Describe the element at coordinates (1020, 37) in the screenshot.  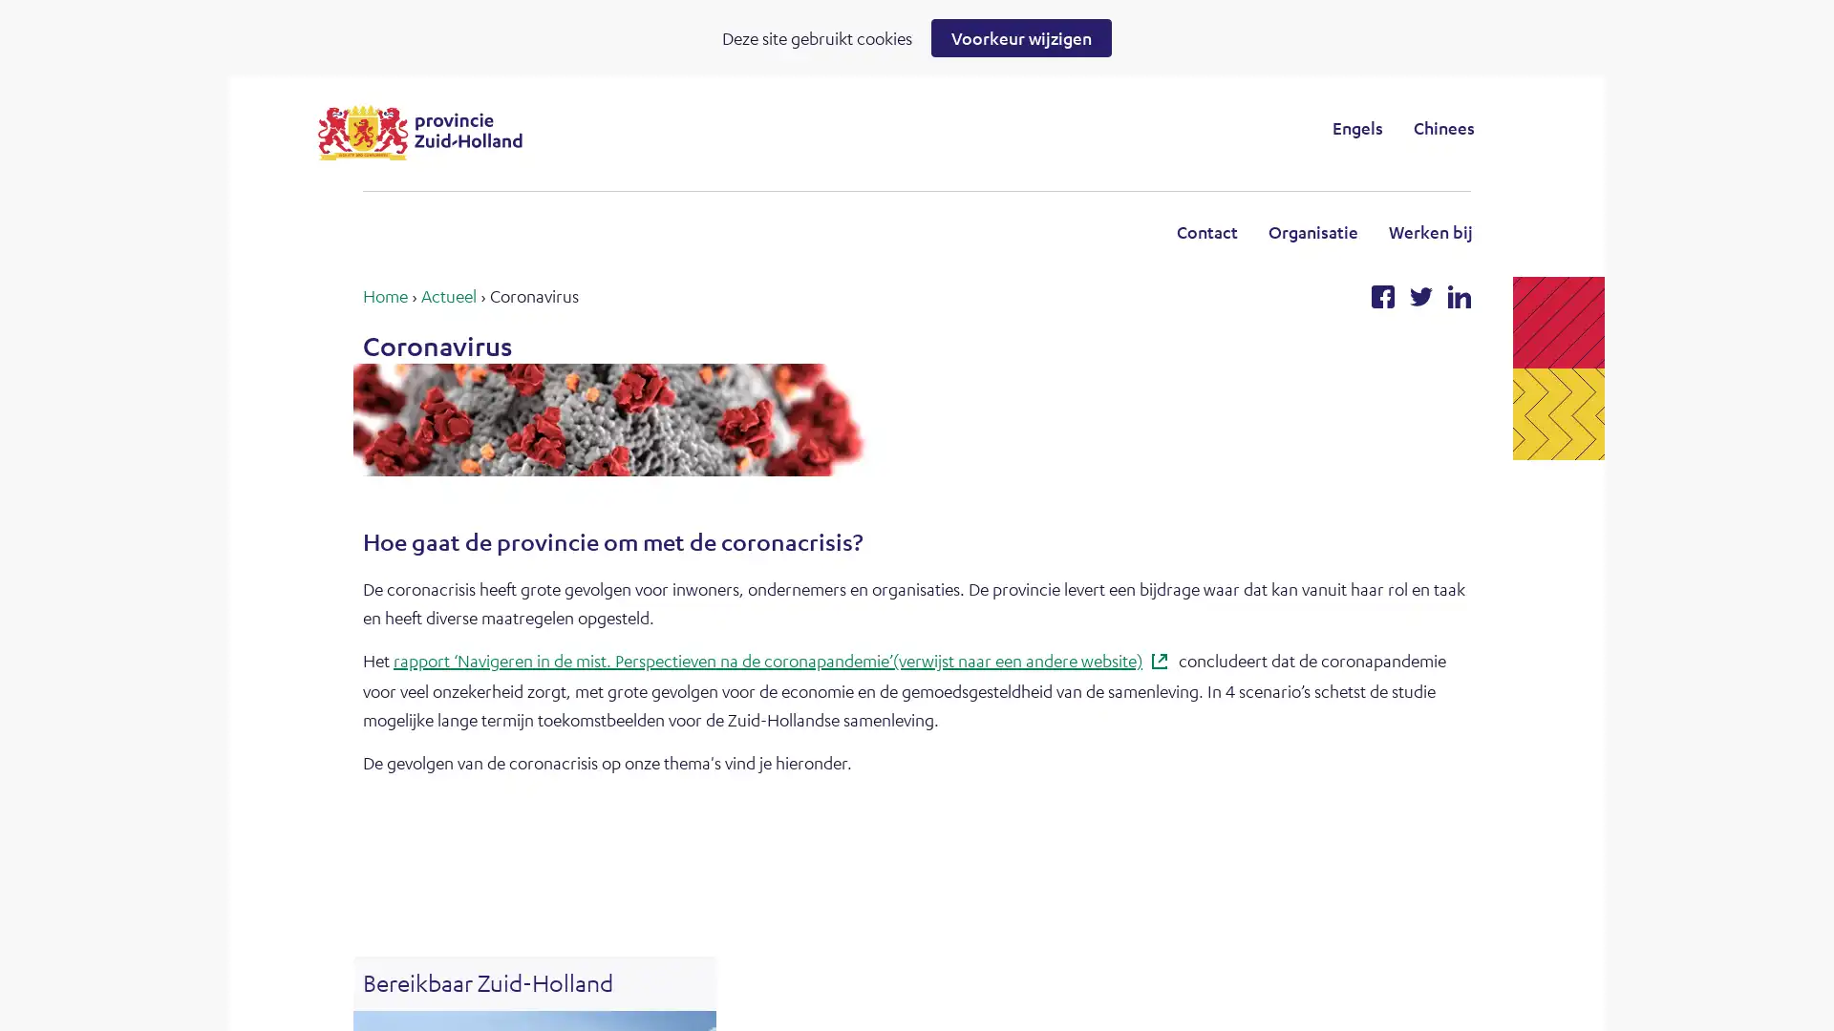
I see `Voorkeur wijzigen` at that location.